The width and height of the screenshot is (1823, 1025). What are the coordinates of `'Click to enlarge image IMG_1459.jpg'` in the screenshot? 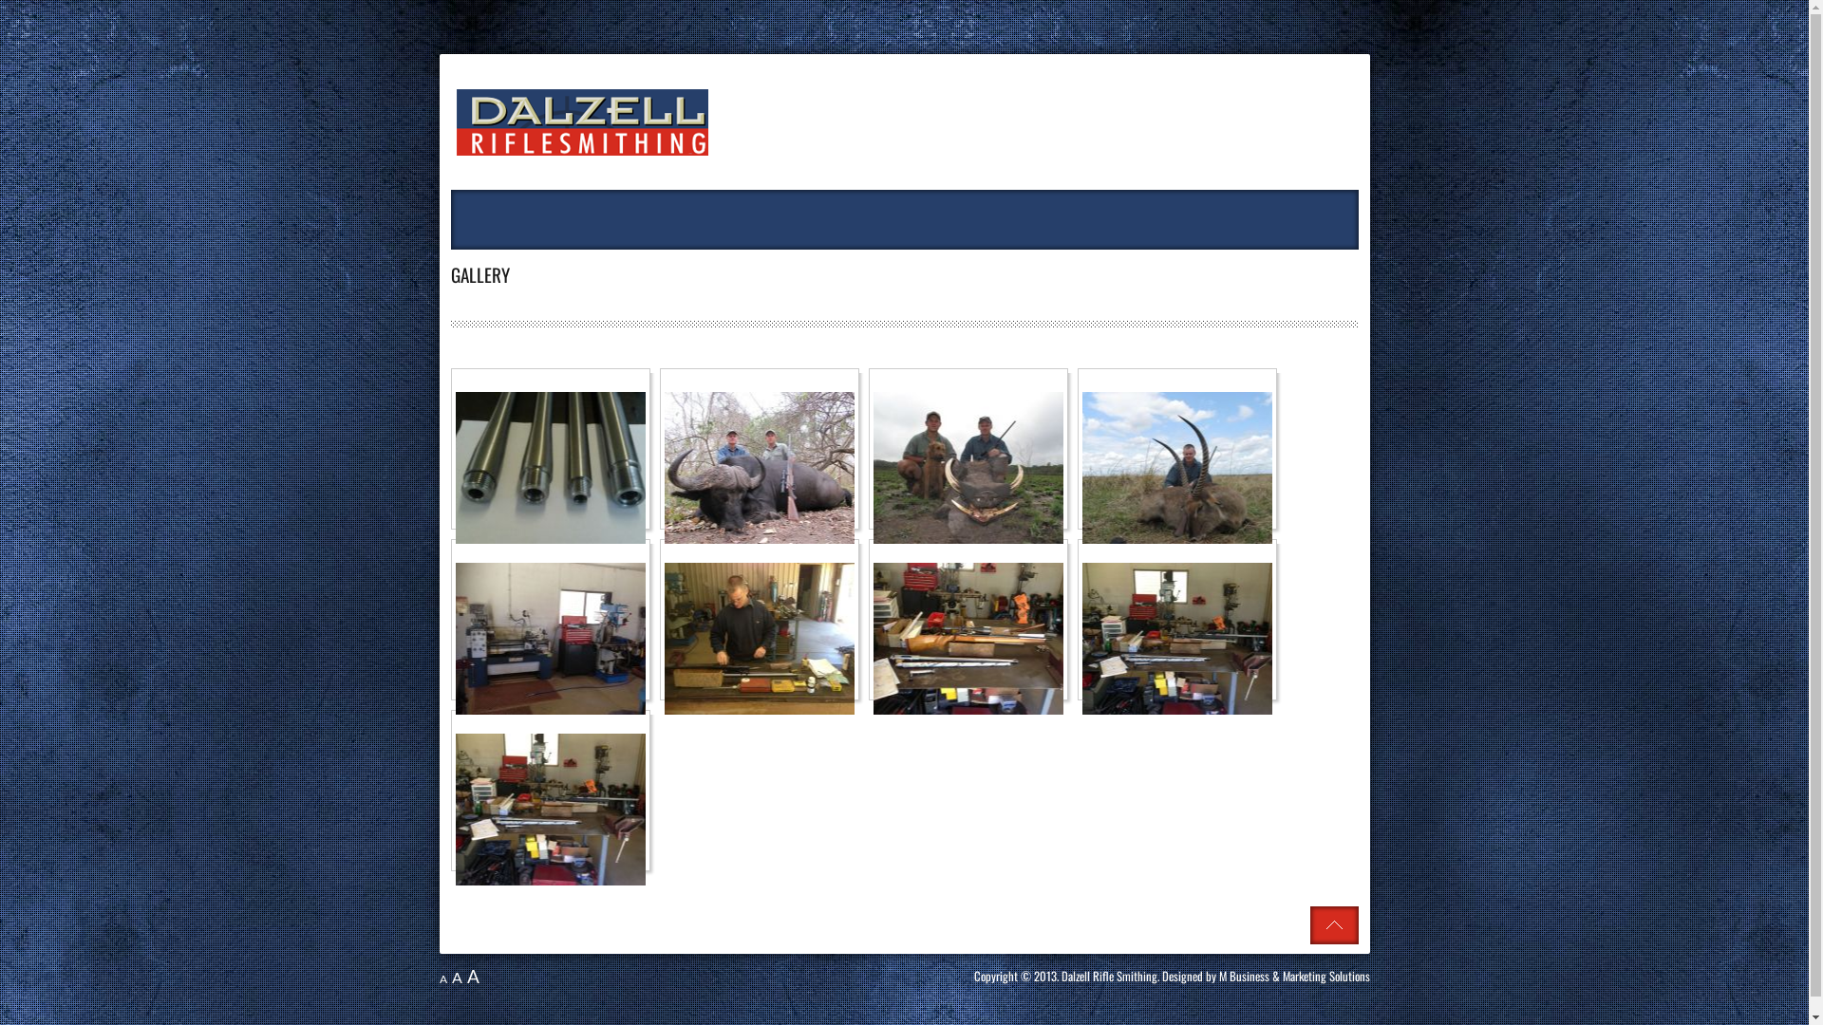 It's located at (968, 638).